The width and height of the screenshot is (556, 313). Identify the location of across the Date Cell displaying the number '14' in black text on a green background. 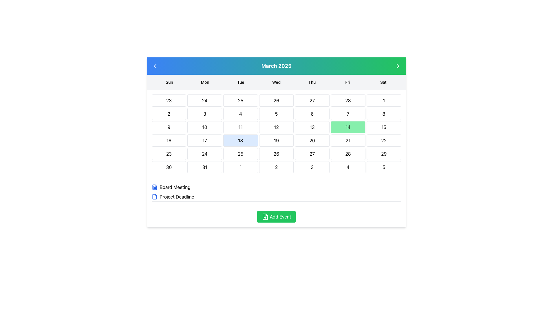
(348, 127).